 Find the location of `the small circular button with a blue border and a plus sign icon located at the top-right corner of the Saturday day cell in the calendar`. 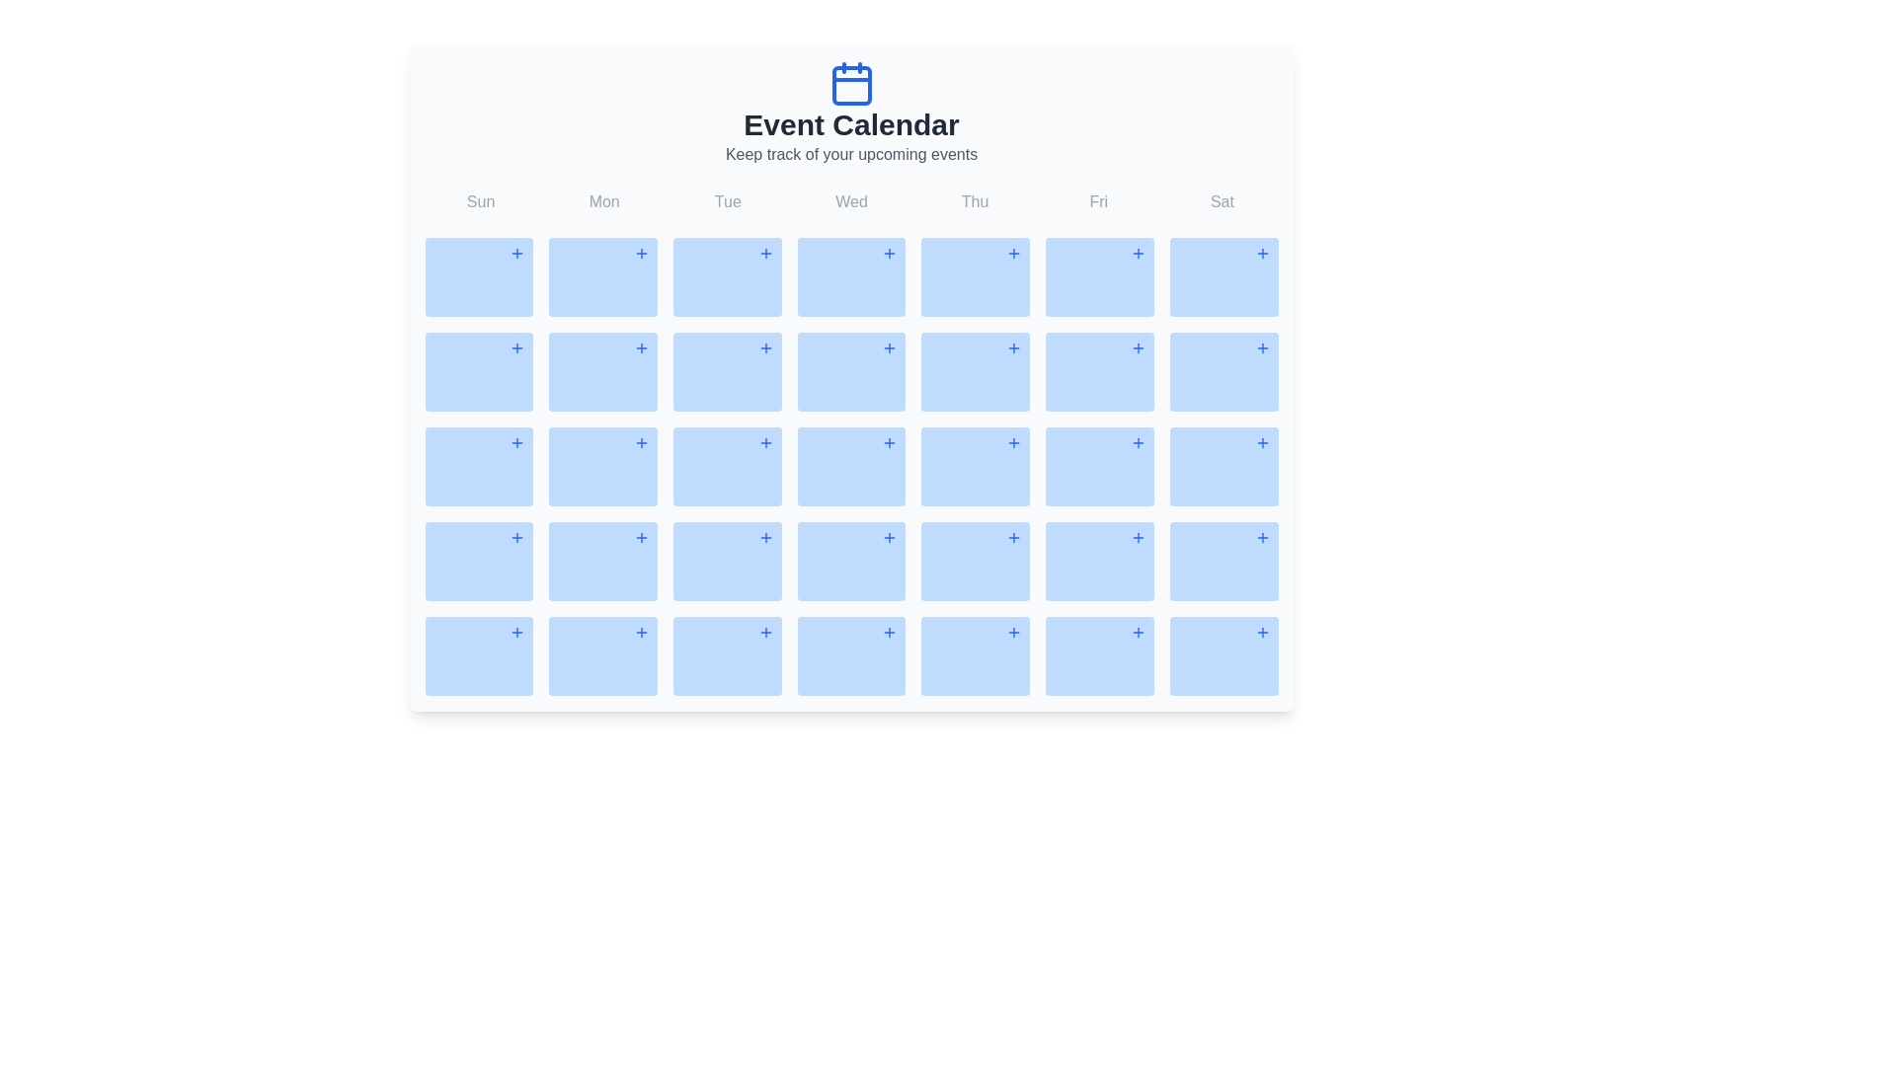

the small circular button with a blue border and a plus sign icon located at the top-right corner of the Saturday day cell in the calendar is located at coordinates (1261, 537).